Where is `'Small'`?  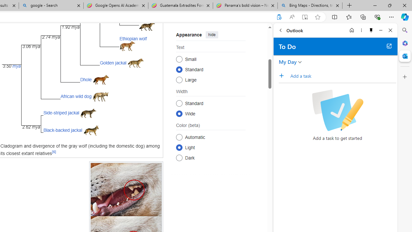 'Small' is located at coordinates (179, 59).